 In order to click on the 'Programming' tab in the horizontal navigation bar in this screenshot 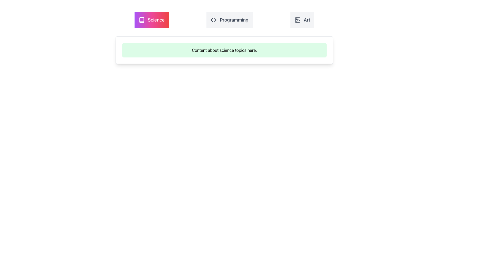, I will do `click(229, 19)`.